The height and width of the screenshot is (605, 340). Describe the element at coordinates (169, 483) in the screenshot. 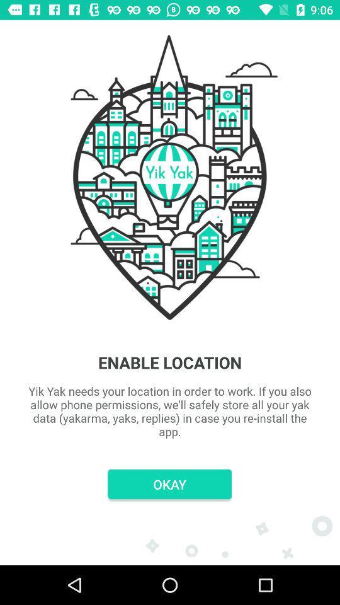

I see `the item below yik yak needs` at that location.